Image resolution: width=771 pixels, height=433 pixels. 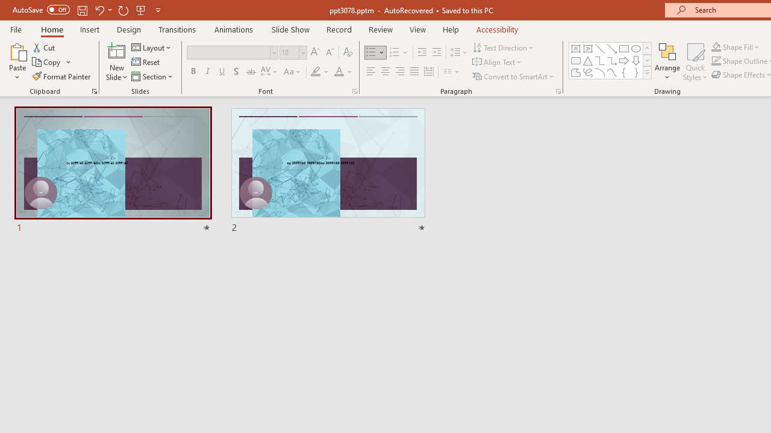 I want to click on 'Section', so click(x=152, y=76).